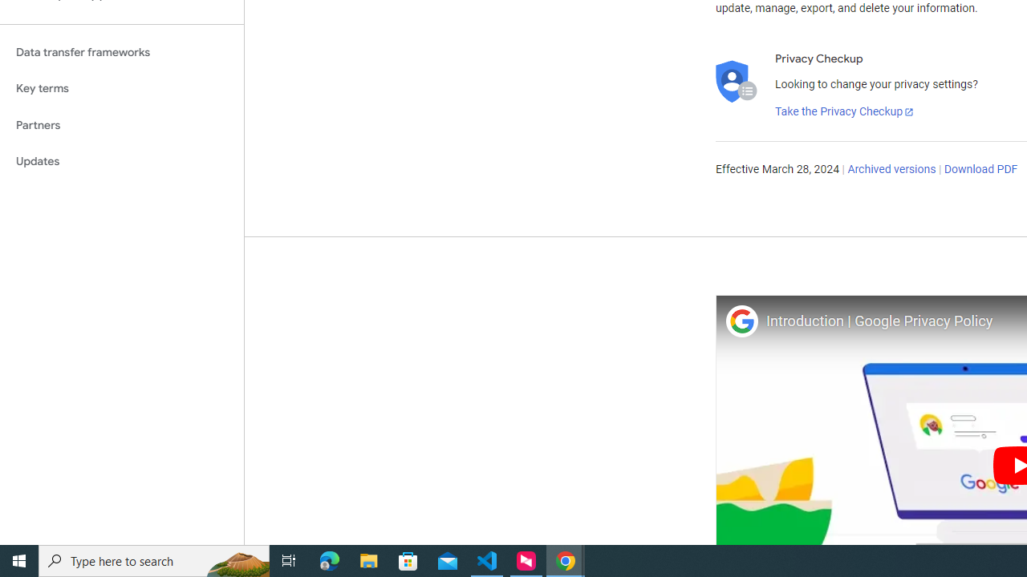 The height and width of the screenshot is (577, 1027). I want to click on 'Partners', so click(121, 124).